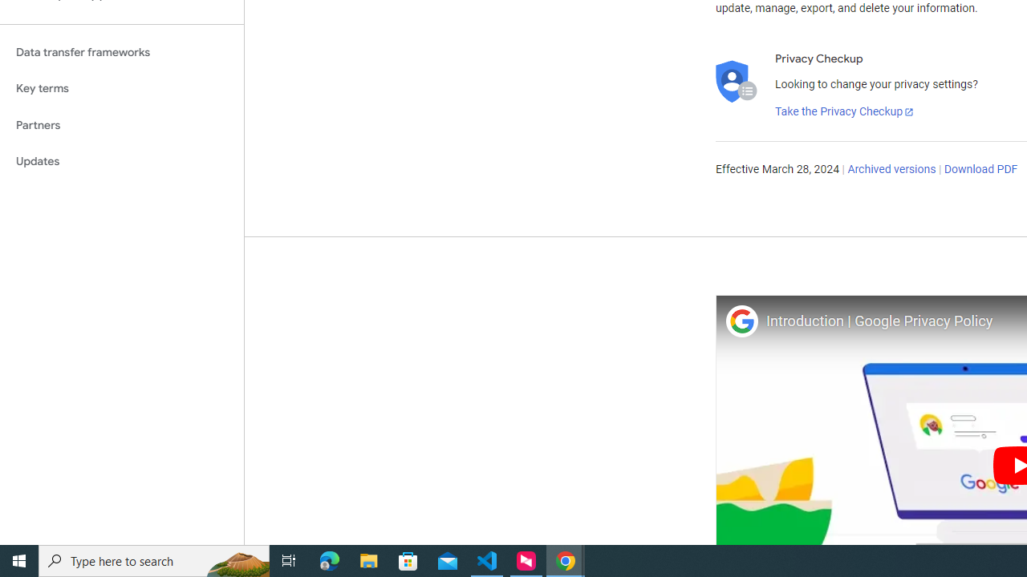 The height and width of the screenshot is (577, 1027). I want to click on 'Partners', so click(121, 124).